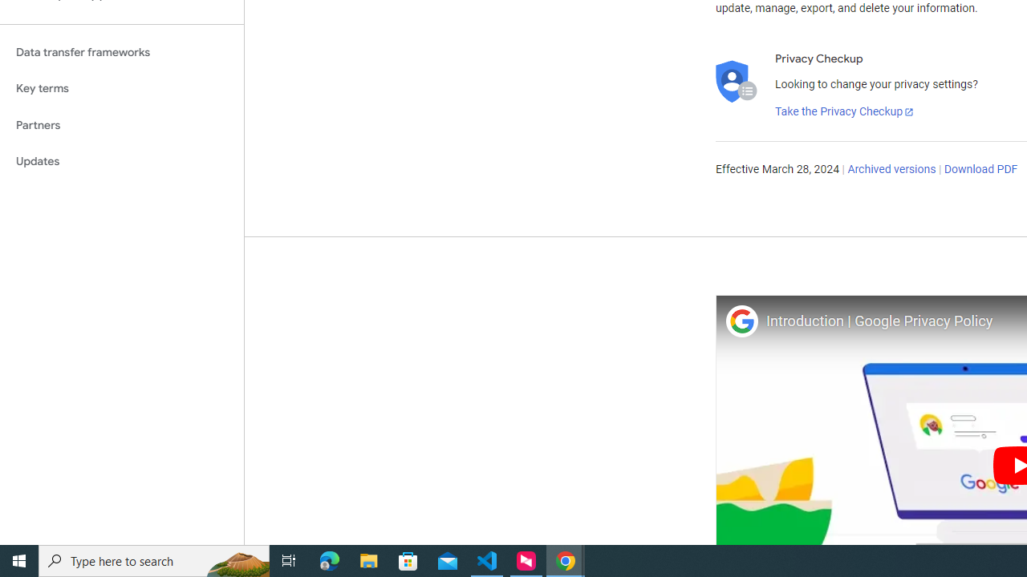 The height and width of the screenshot is (577, 1027). I want to click on 'Partners', so click(121, 124).